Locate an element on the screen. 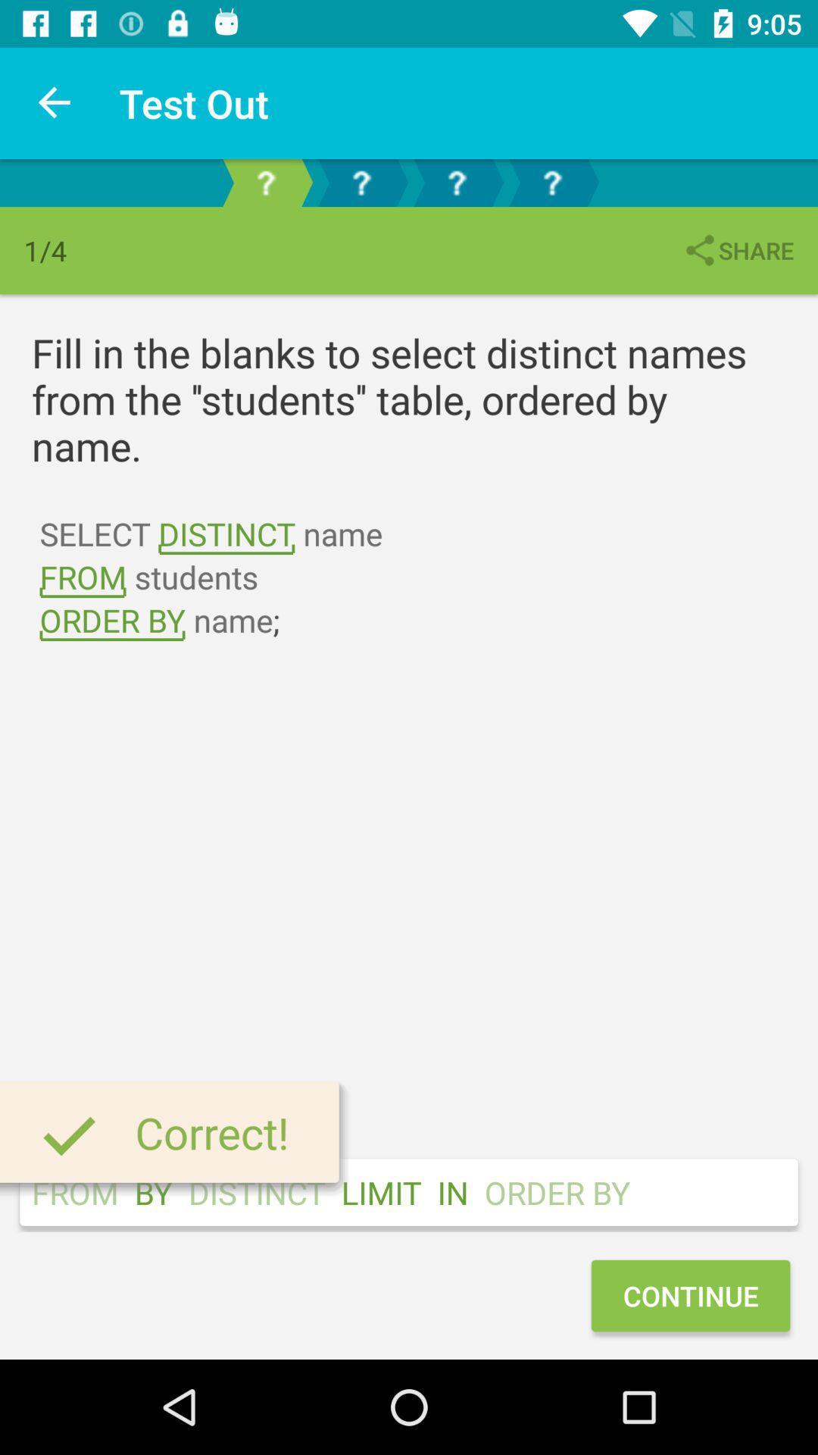  the help icon is located at coordinates (361, 182).